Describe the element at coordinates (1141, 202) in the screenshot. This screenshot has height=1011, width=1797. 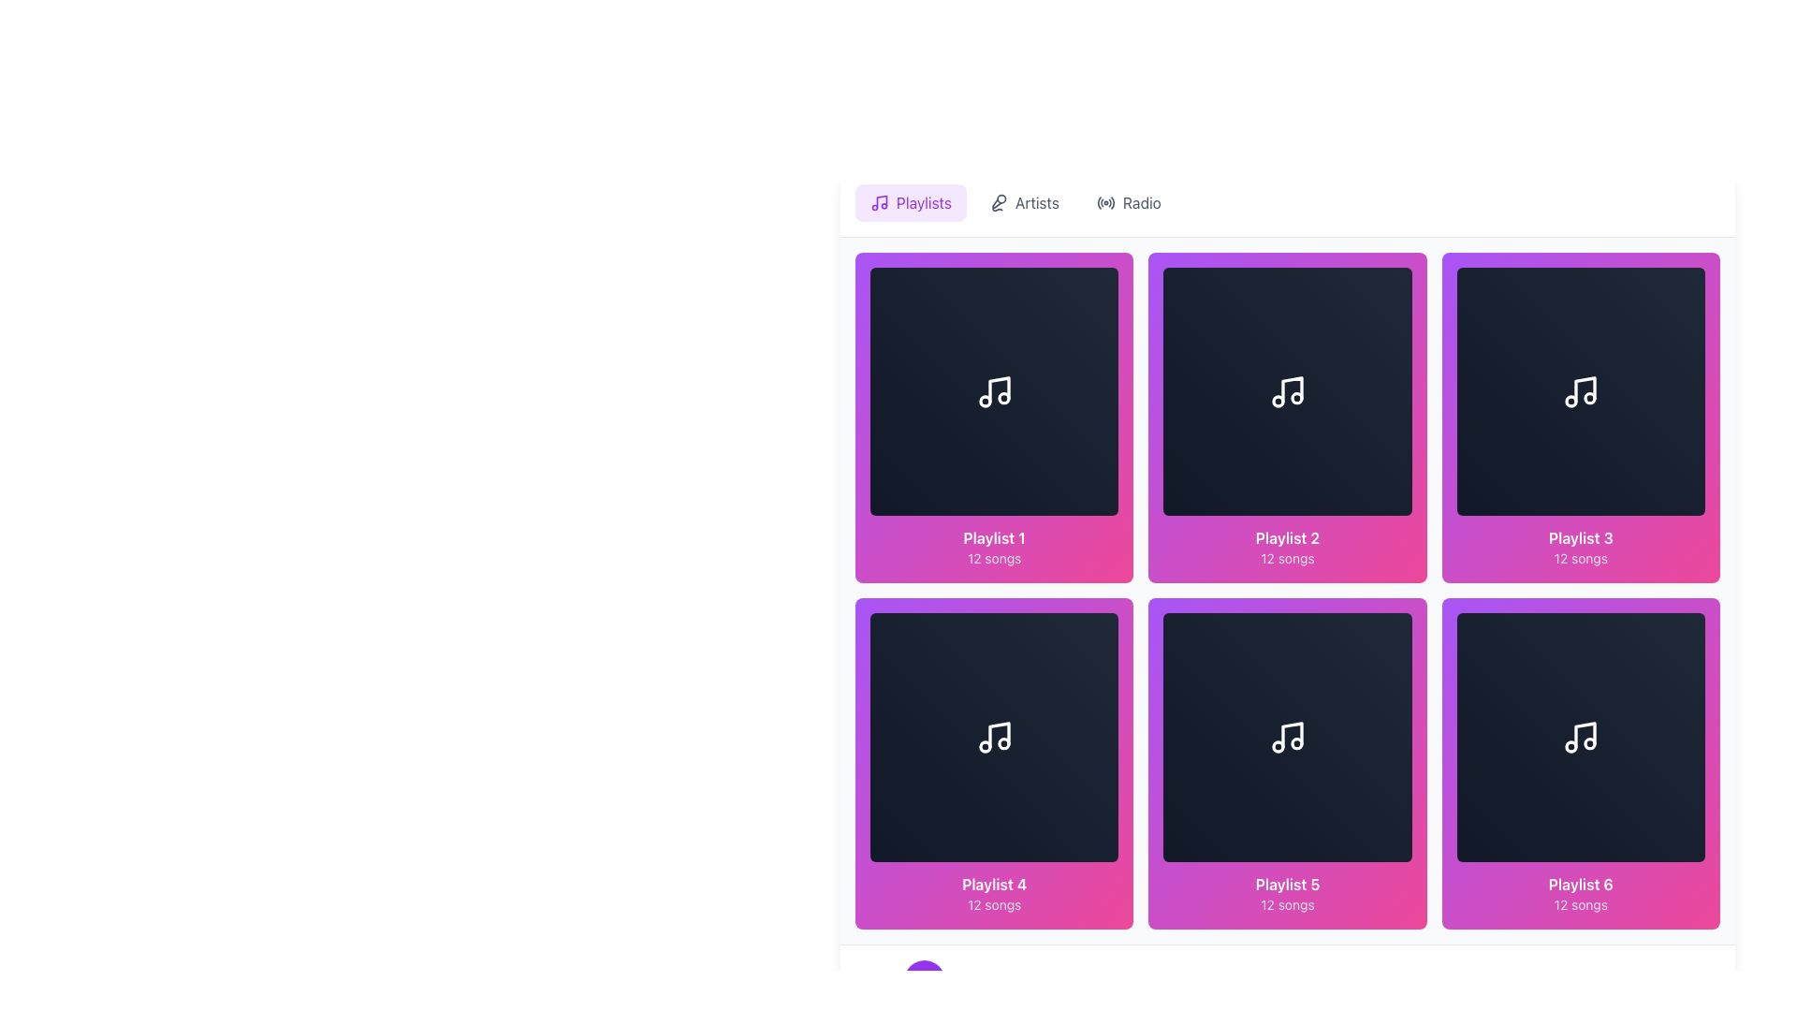
I see `the 'Radio' text label in the navigation bar` at that location.